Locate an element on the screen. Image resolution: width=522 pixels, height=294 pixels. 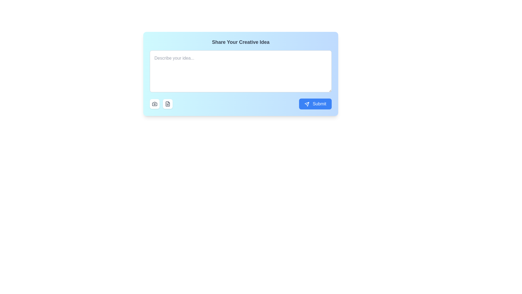
the upload icon located within the second button of the button group, which is positioned to the right of a camera icon is located at coordinates (167, 104).